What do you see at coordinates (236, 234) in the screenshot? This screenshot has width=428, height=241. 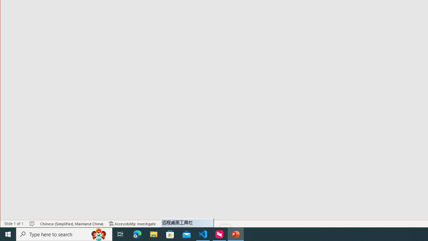 I see `'PowerPoint - 1 running window'` at bounding box center [236, 234].